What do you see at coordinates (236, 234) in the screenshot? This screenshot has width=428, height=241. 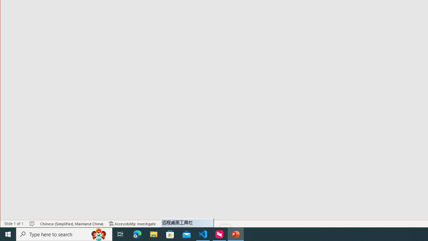 I see `'PowerPoint - 1 running window'` at bounding box center [236, 234].